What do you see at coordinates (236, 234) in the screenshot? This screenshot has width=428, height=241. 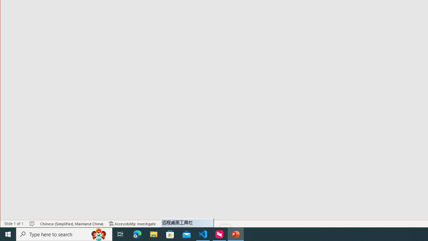 I see `'PowerPoint - 1 running window'` at bounding box center [236, 234].